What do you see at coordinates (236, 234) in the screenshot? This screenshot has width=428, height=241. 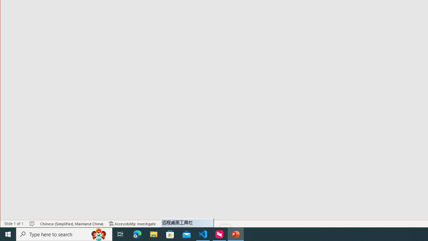 I see `'PowerPoint - 1 running window'` at bounding box center [236, 234].